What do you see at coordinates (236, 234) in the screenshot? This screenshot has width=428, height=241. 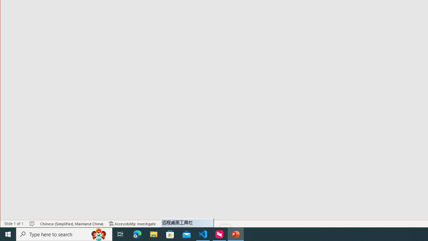 I see `'PowerPoint - 1 running window'` at bounding box center [236, 234].